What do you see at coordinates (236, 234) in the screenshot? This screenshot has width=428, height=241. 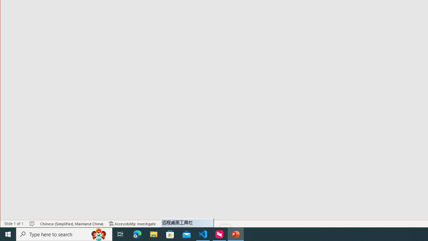 I see `'PowerPoint - 1 running window'` at bounding box center [236, 234].